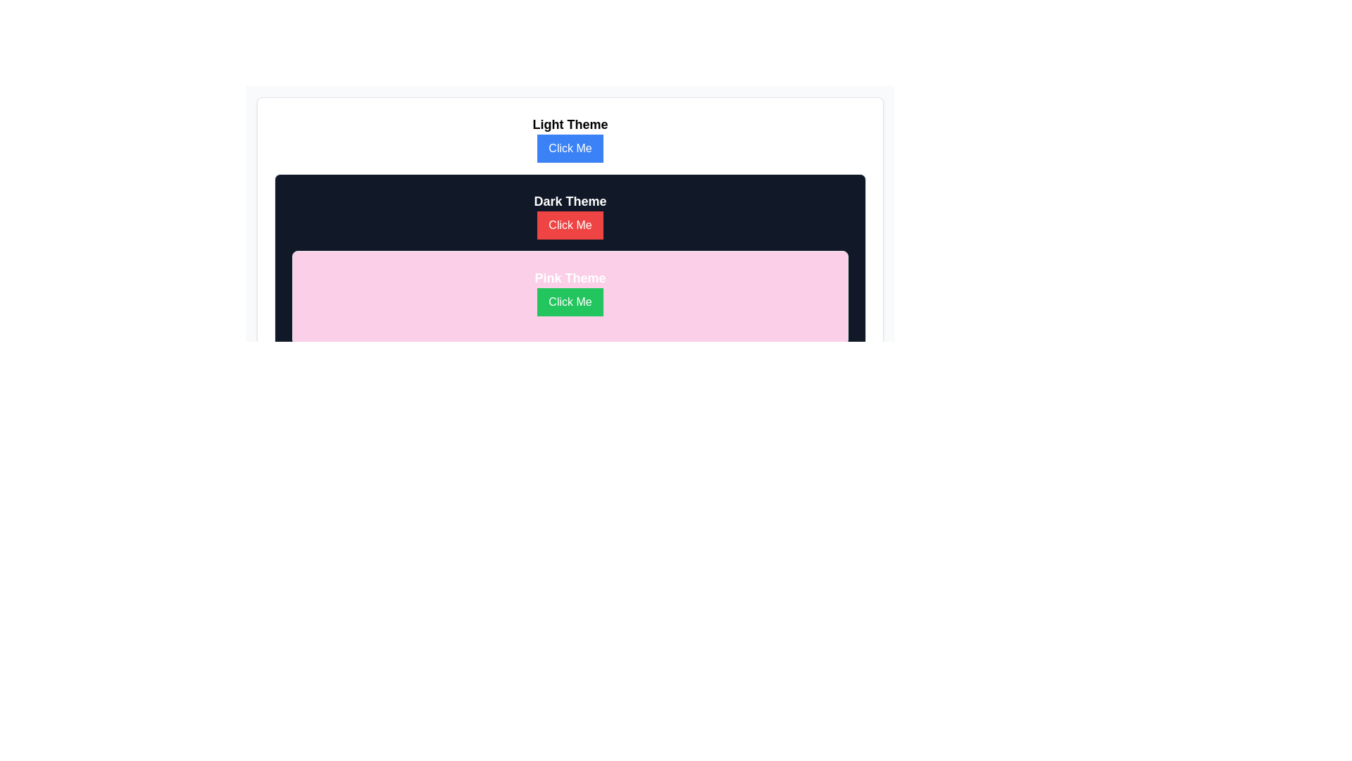  Describe the element at coordinates (570, 124) in the screenshot. I see `the text element labeled 'Light Theme', which serves as a title or header above the 'Click Me' button` at that location.